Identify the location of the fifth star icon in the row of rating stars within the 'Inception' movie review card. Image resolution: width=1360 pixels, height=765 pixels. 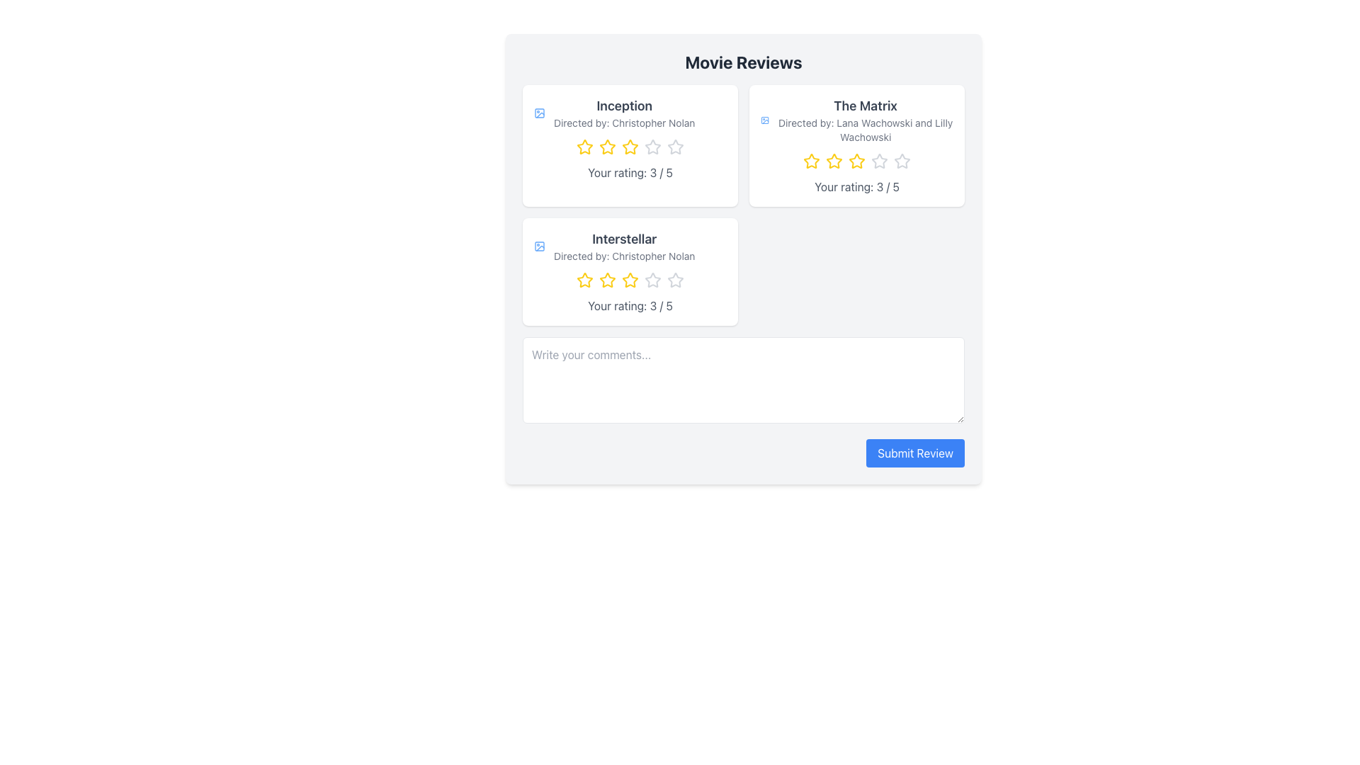
(675, 147).